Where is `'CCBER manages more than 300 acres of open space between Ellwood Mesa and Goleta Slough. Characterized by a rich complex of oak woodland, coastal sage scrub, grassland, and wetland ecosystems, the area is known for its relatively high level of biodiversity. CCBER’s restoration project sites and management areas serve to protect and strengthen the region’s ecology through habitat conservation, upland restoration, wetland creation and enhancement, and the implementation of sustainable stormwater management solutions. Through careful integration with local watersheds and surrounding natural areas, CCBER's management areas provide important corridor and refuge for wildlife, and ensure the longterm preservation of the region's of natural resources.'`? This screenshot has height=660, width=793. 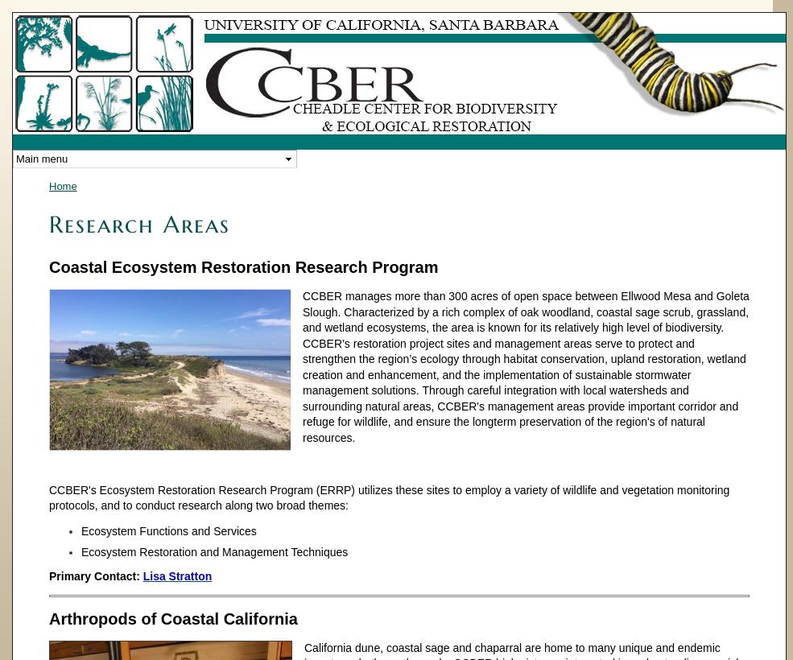
'CCBER manages more than 300 acres of open space between Ellwood Mesa and Goleta Slough. Characterized by a rich complex of oak woodland, coastal sage scrub, grassland, and wetland ecosystems, the area is known for its relatively high level of biodiversity. CCBER’s restoration project sites and management areas serve to protect and strengthen the region’s ecology through habitat conservation, upland restoration, wetland creation and enhancement, and the implementation of sustainable stormwater management solutions. Through careful integration with local watersheds and surrounding natural areas, CCBER's management areas provide important corridor and refuge for wildlife, and ensure the longterm preservation of the region's of natural resources.' is located at coordinates (524, 365).